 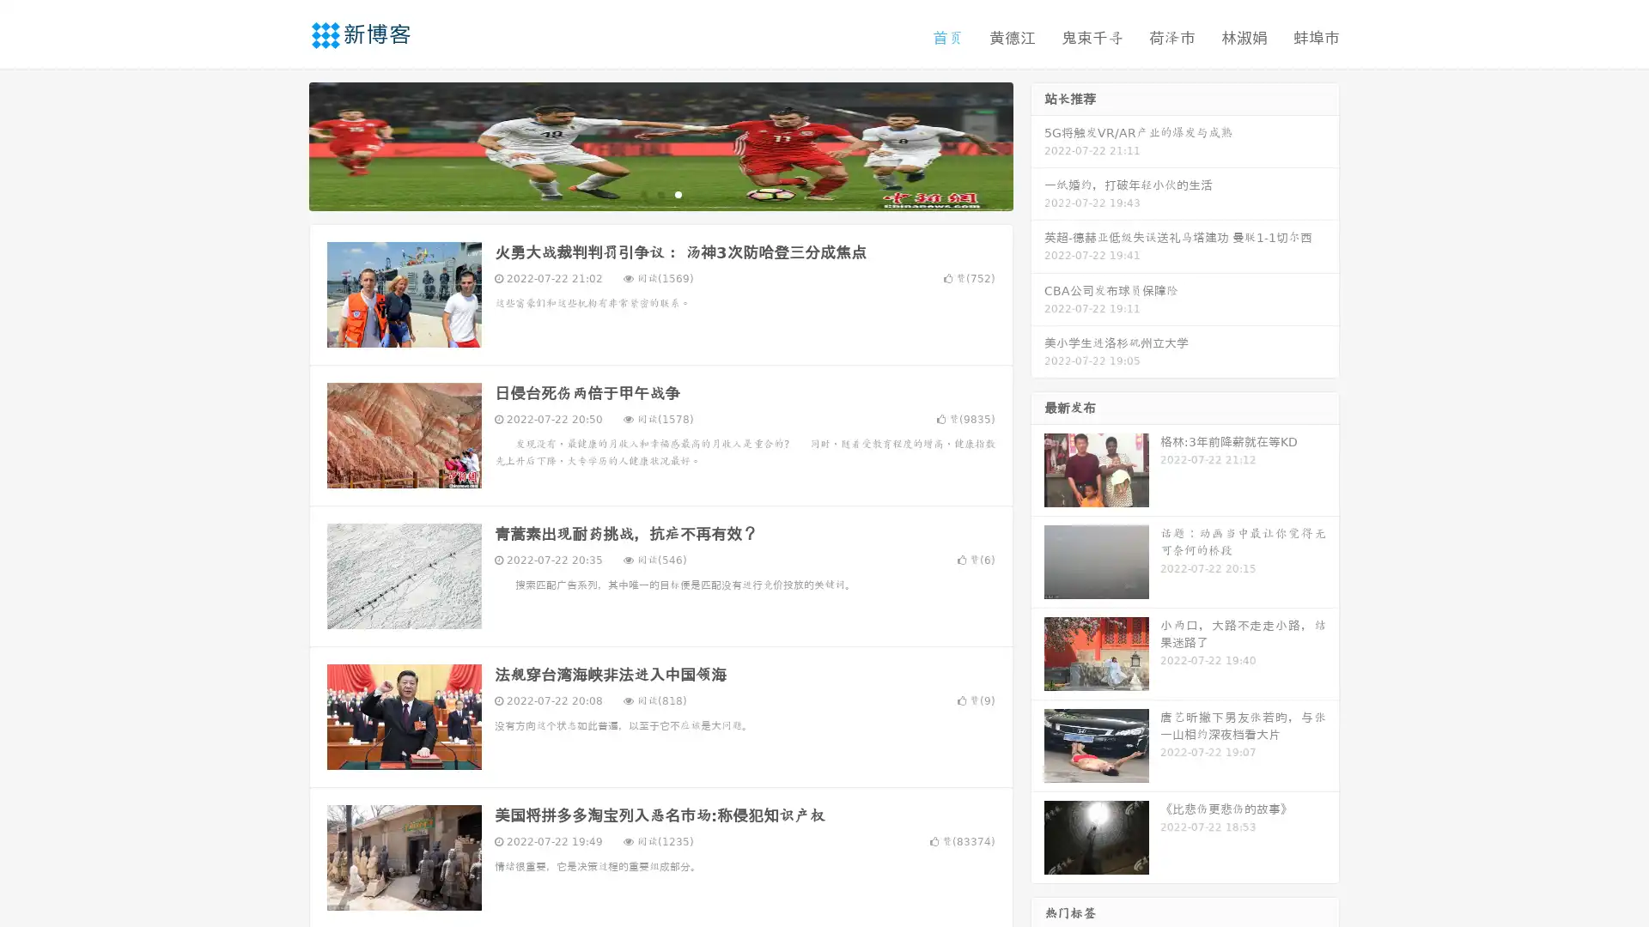 I want to click on Go to slide 3, so click(x=678, y=193).